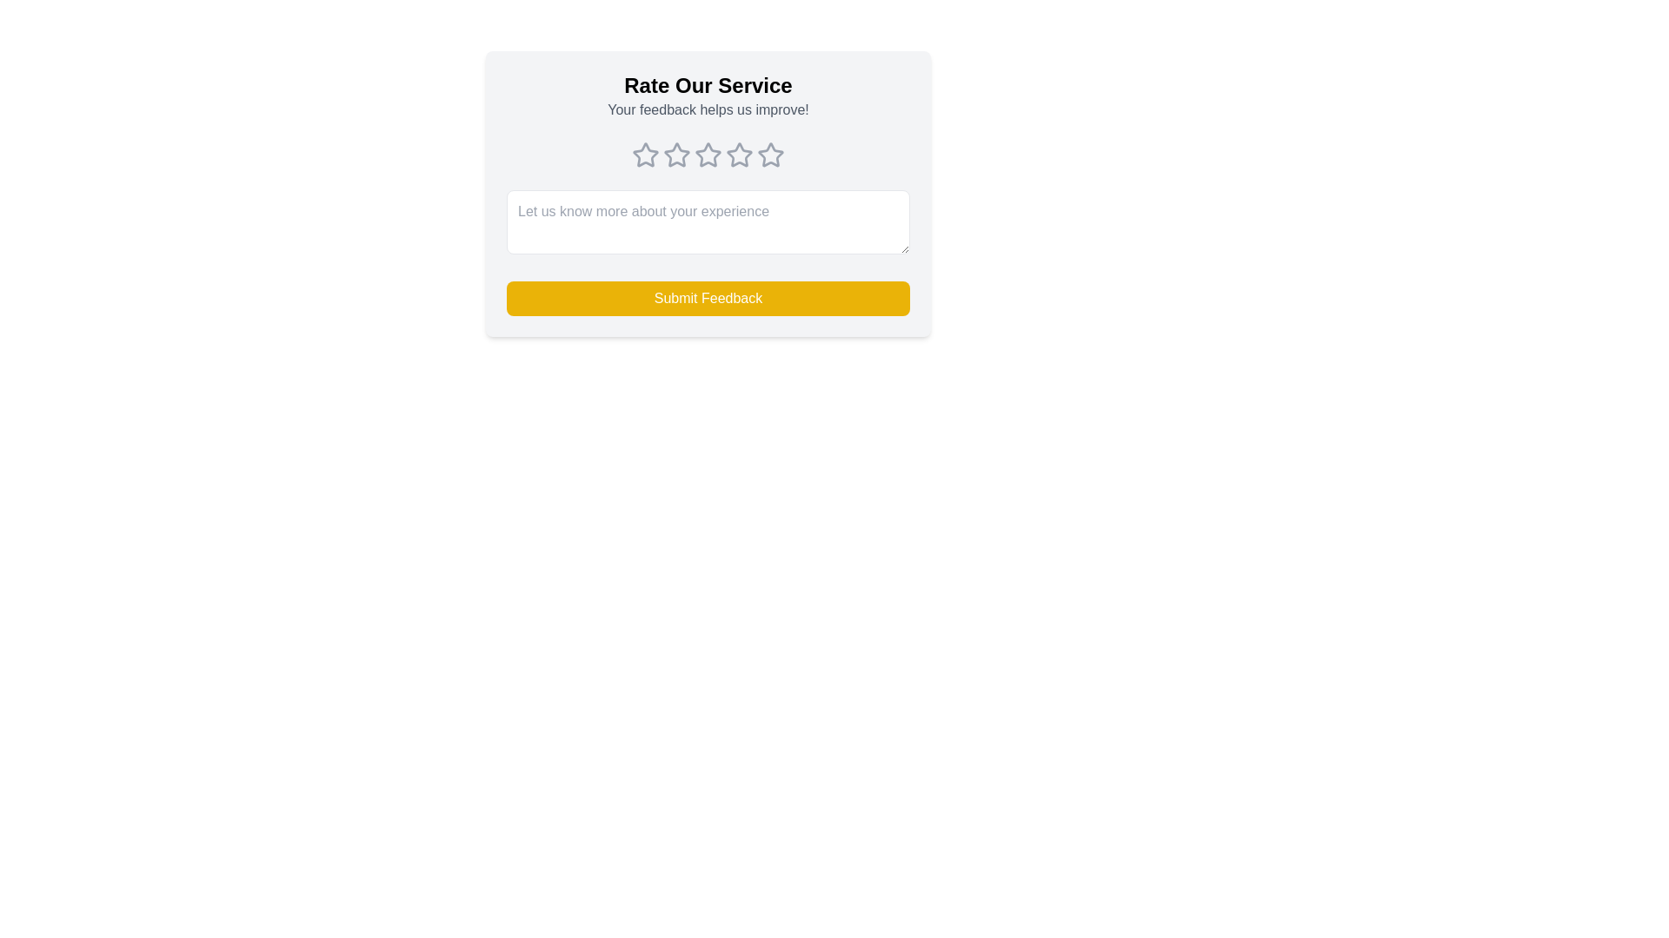  I want to click on header text label at the top-center of the feedback form to understand its purpose, so click(708, 86).